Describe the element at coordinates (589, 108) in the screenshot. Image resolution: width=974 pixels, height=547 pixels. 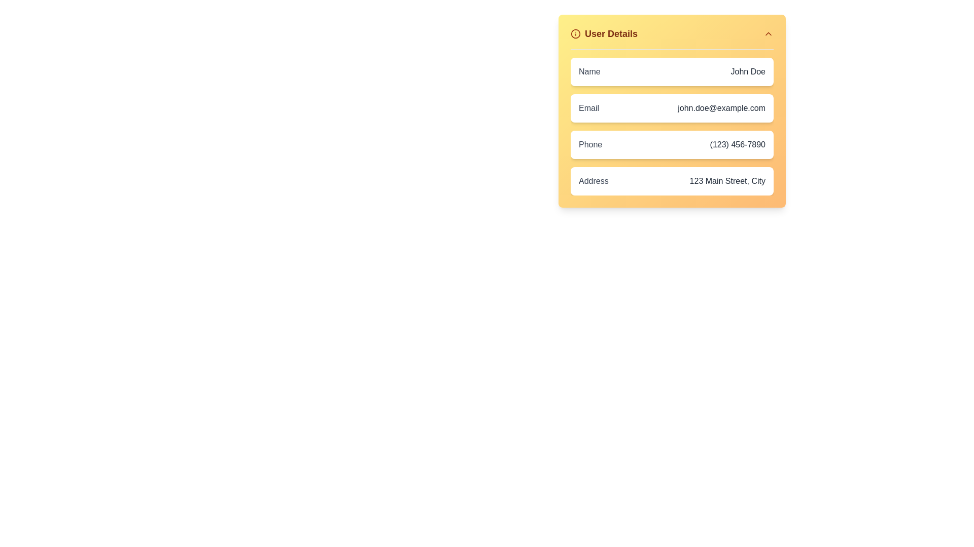
I see `the 'Email' text label which displays the word 'Email' in medium font weight and gray color, located within the user details panel, to the left of the email address 'john.doe@example.com'` at that location.